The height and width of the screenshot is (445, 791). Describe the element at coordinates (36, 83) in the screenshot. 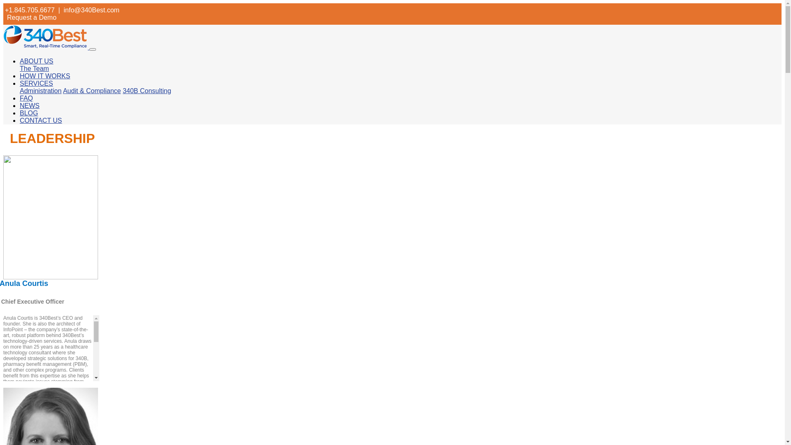

I see `'SERVICES'` at that location.